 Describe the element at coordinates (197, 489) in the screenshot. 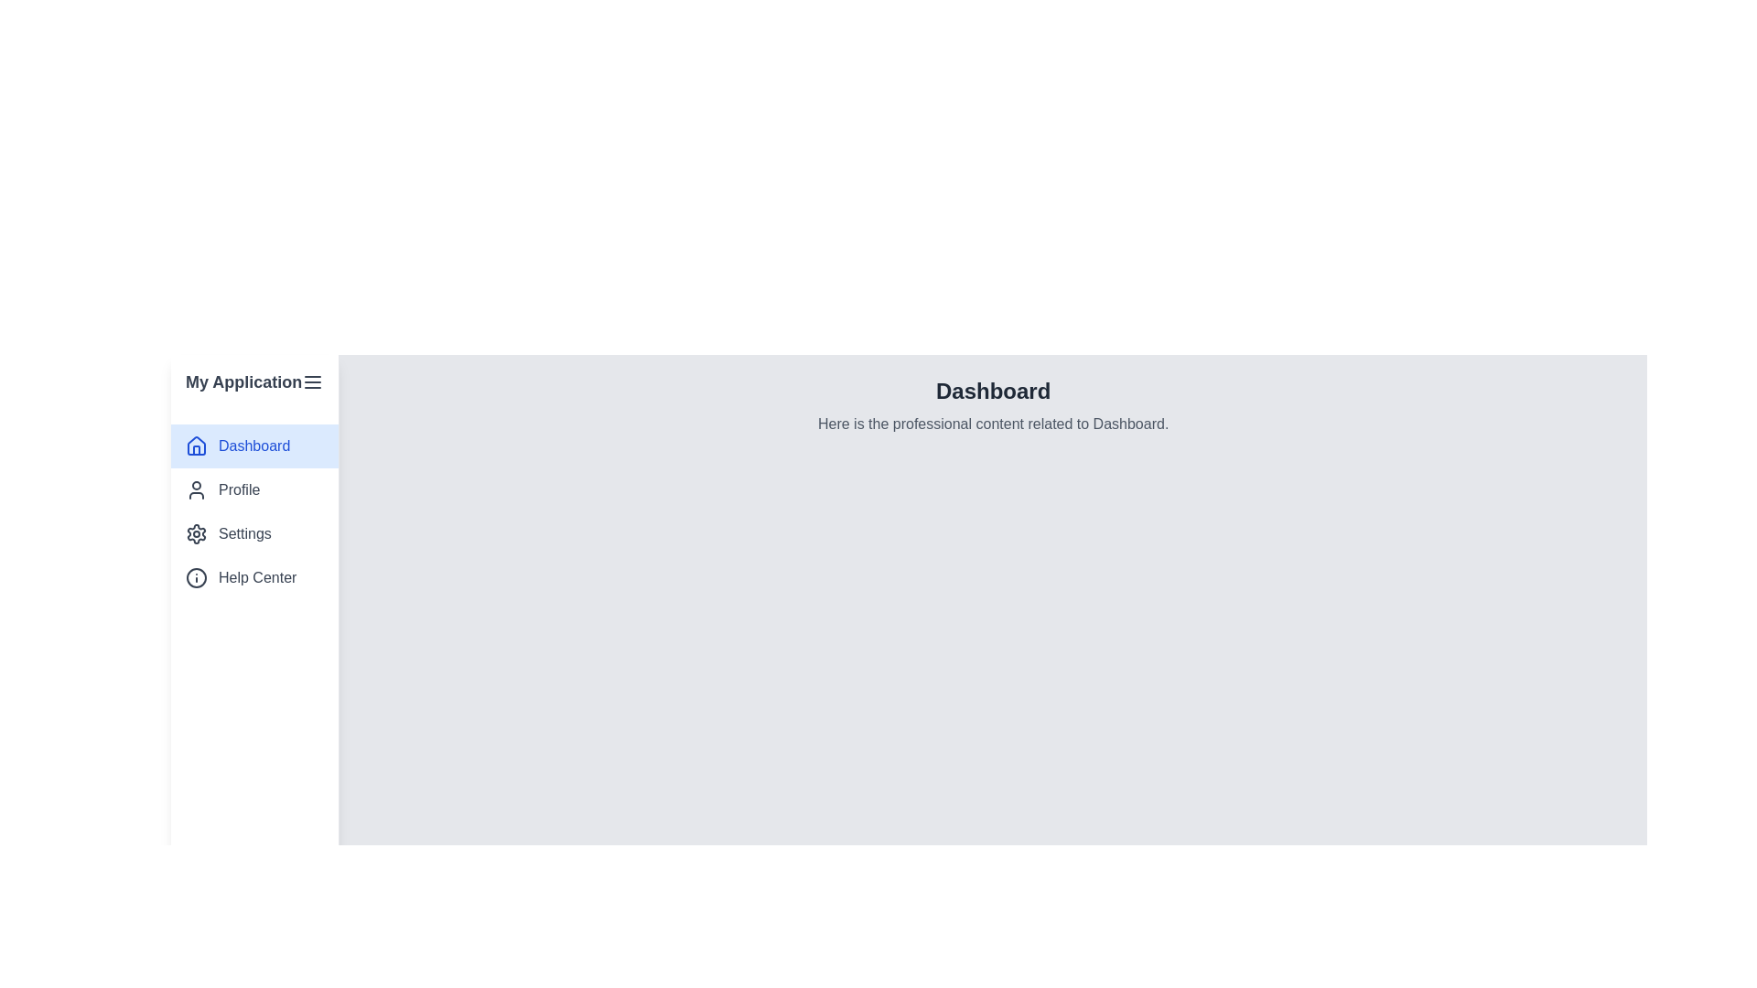

I see `the 'Profile' icon located in the navigation menu's left vertical sidebar, which is positioned to the left of the text label 'Profile'` at that location.